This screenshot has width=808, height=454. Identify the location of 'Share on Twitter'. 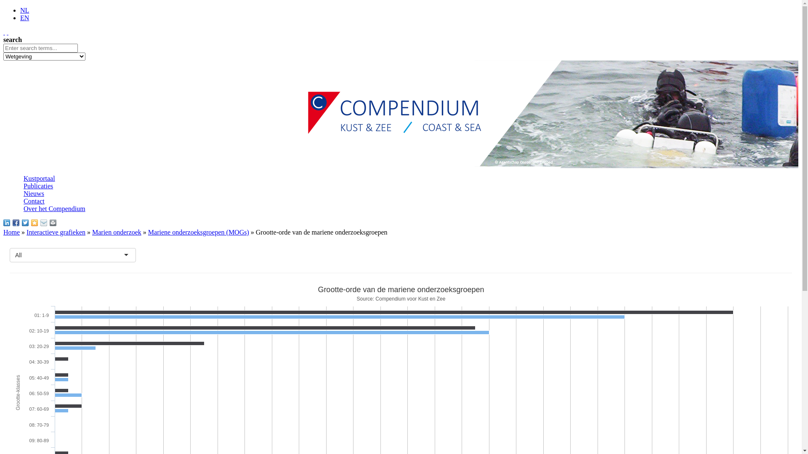
(22, 222).